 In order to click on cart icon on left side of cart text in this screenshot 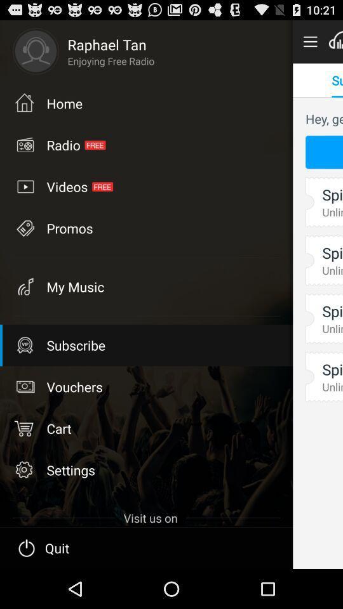, I will do `click(24, 428)`.